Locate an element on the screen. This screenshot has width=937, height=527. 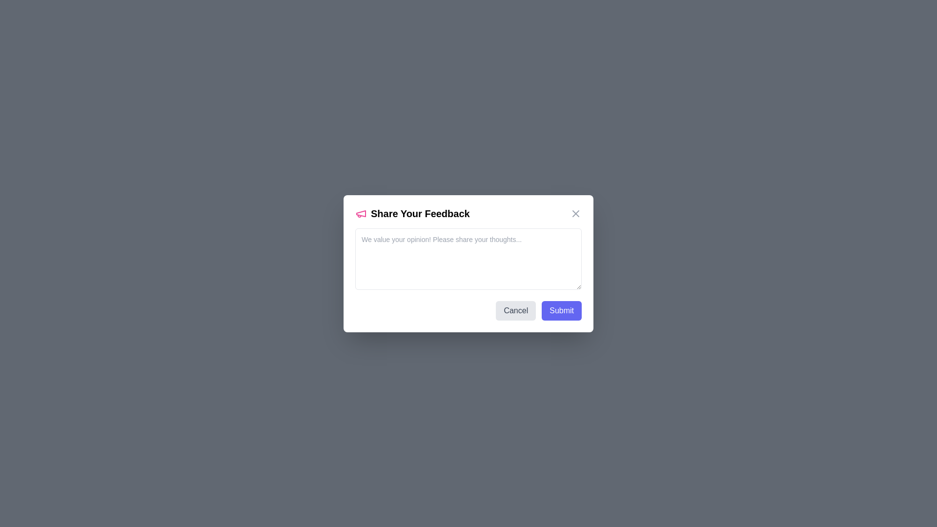
the 'Submit' button to submit the feedback is located at coordinates (562, 310).